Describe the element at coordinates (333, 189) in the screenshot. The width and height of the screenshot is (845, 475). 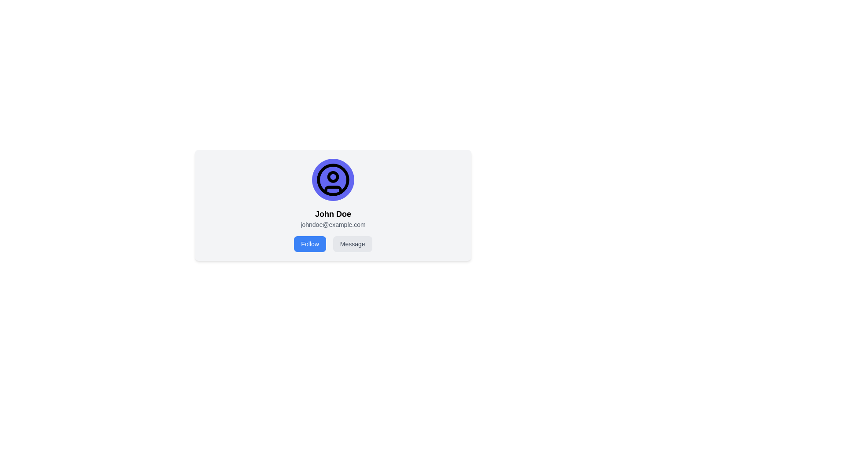
I see `the decorative graphic element at the lower portion of the user profile icon, which resembles a small arc or half-circle within the circular profile image` at that location.